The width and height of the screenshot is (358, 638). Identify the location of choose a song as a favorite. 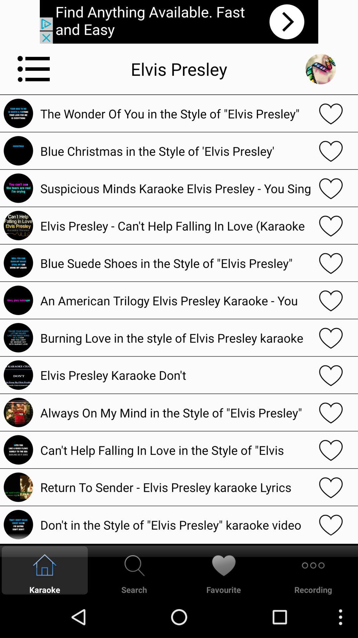
(331, 450).